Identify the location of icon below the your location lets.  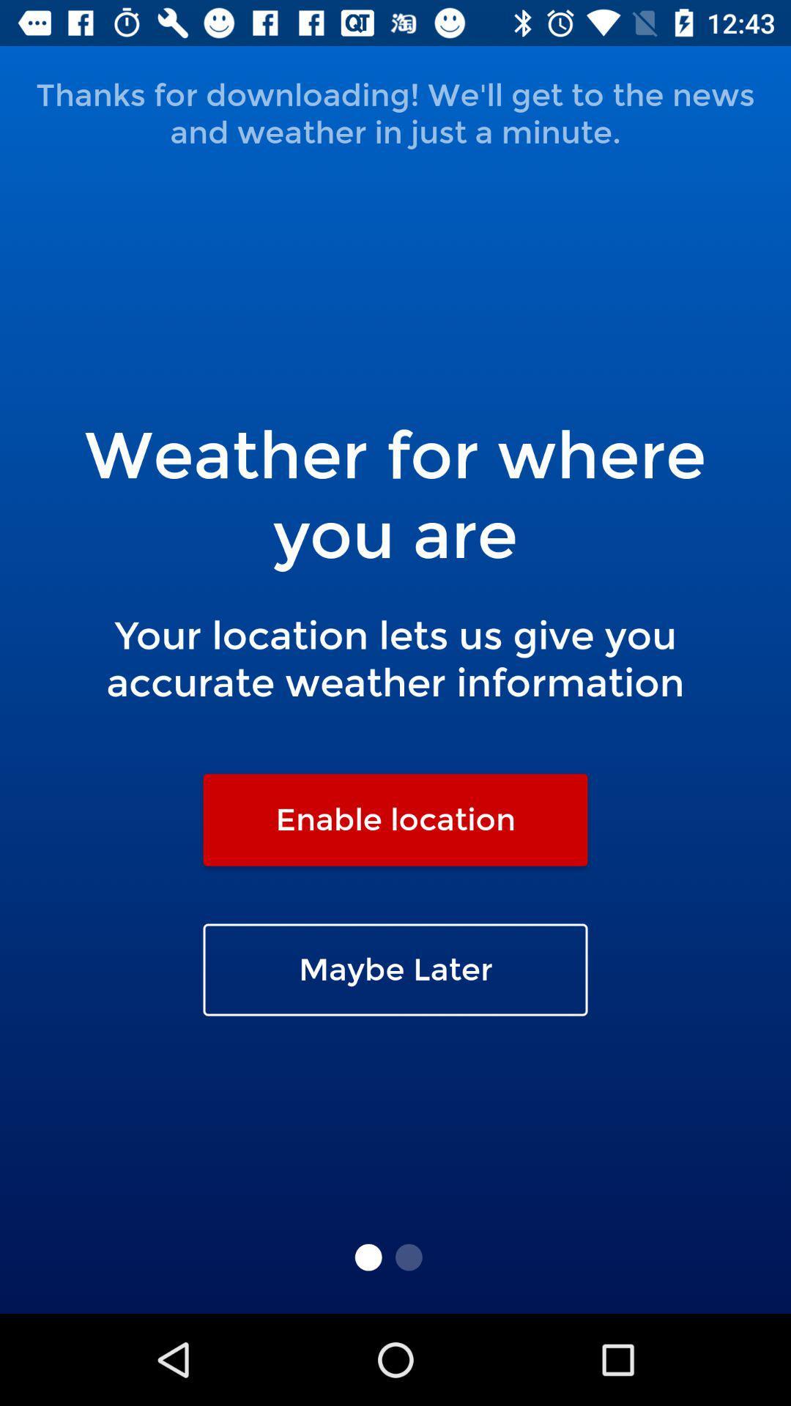
(395, 819).